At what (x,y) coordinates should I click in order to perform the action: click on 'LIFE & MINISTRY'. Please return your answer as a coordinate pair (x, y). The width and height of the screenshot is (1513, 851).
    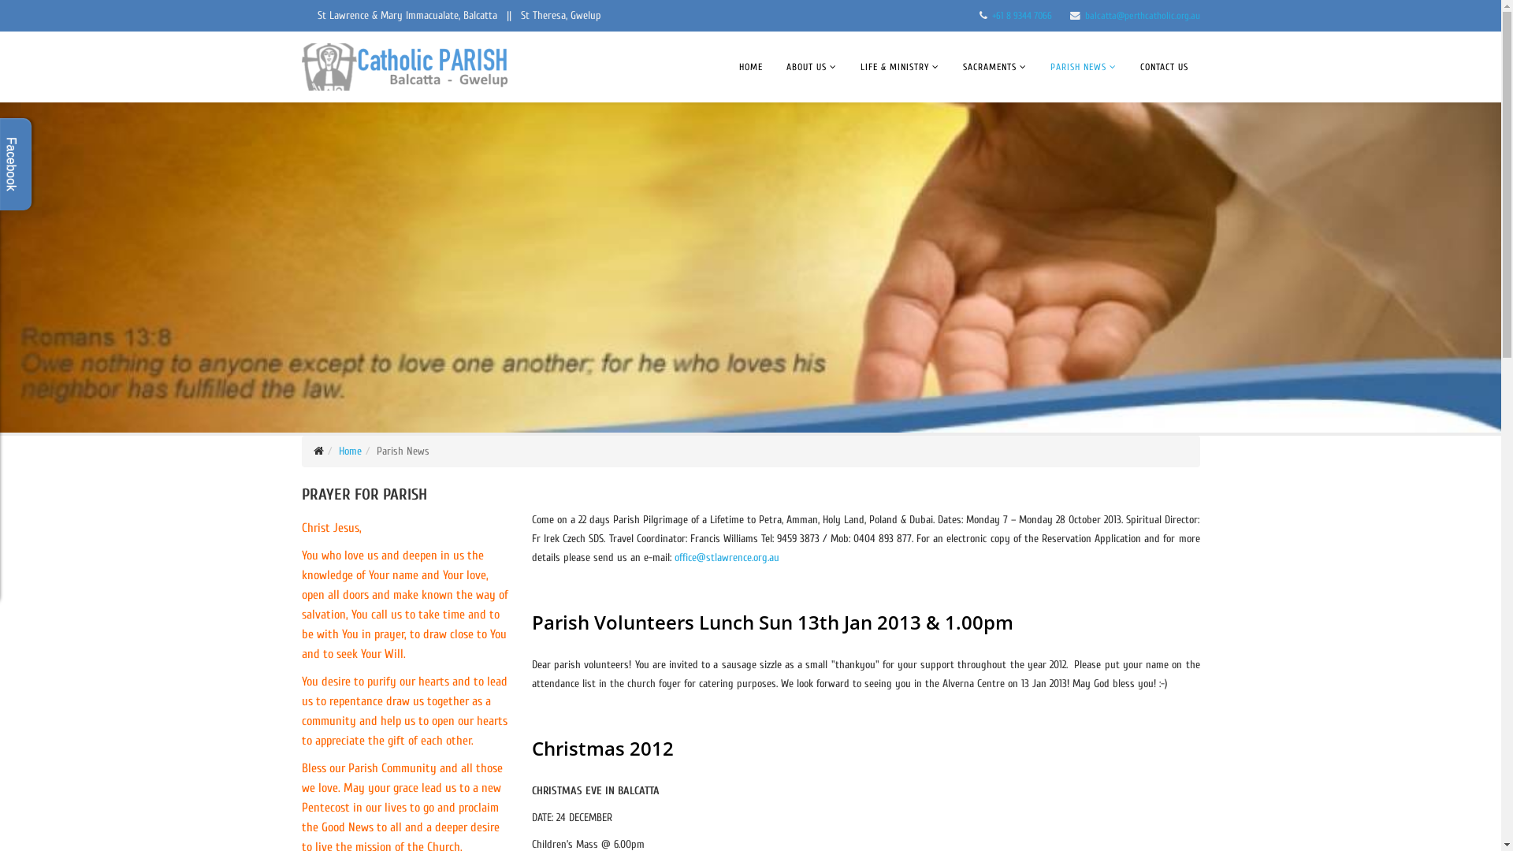
    Looking at the image, I should click on (899, 65).